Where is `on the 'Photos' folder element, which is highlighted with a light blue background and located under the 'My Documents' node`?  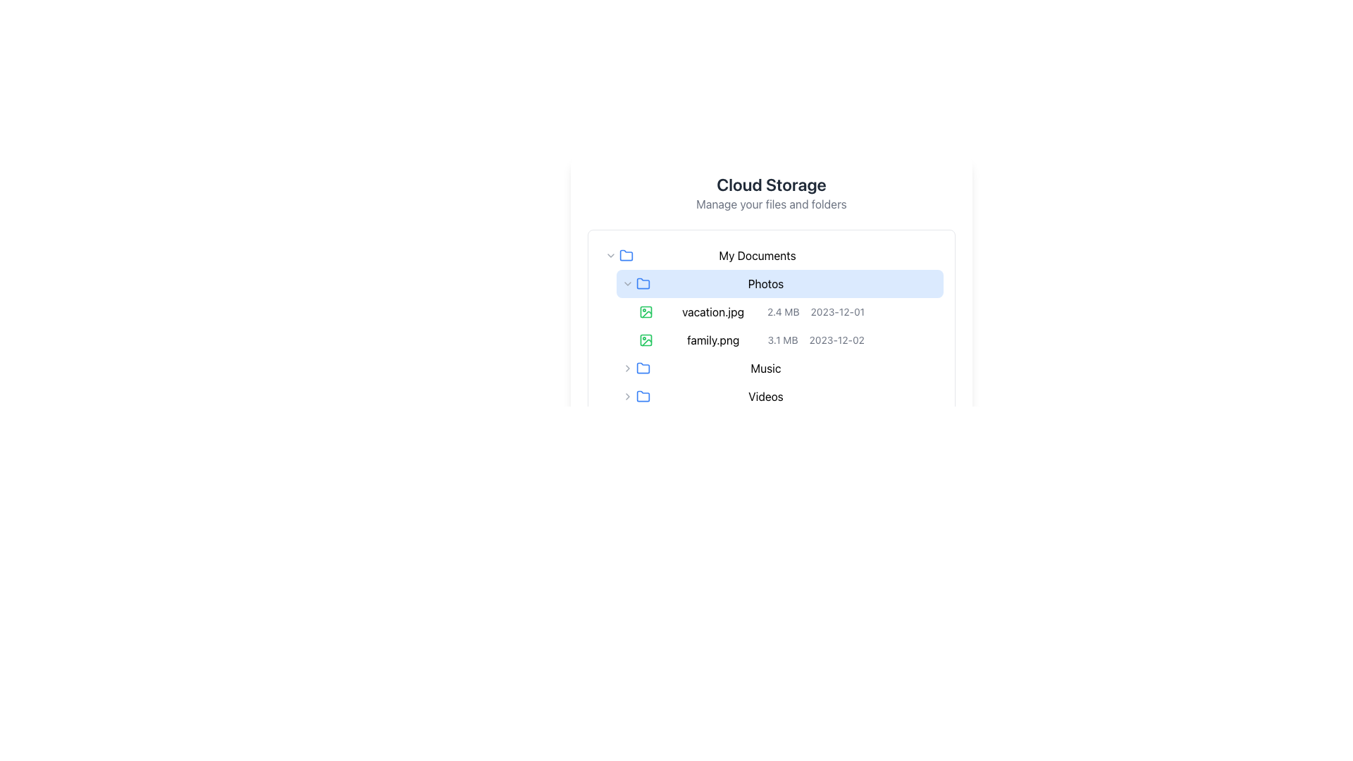
on the 'Photos' folder element, which is highlighted with a light blue background and located under the 'My Documents' node is located at coordinates (770, 273).